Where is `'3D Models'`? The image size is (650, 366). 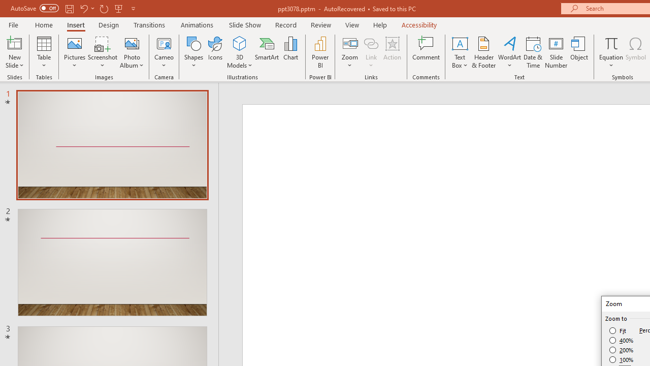 '3D Models' is located at coordinates (239, 52).